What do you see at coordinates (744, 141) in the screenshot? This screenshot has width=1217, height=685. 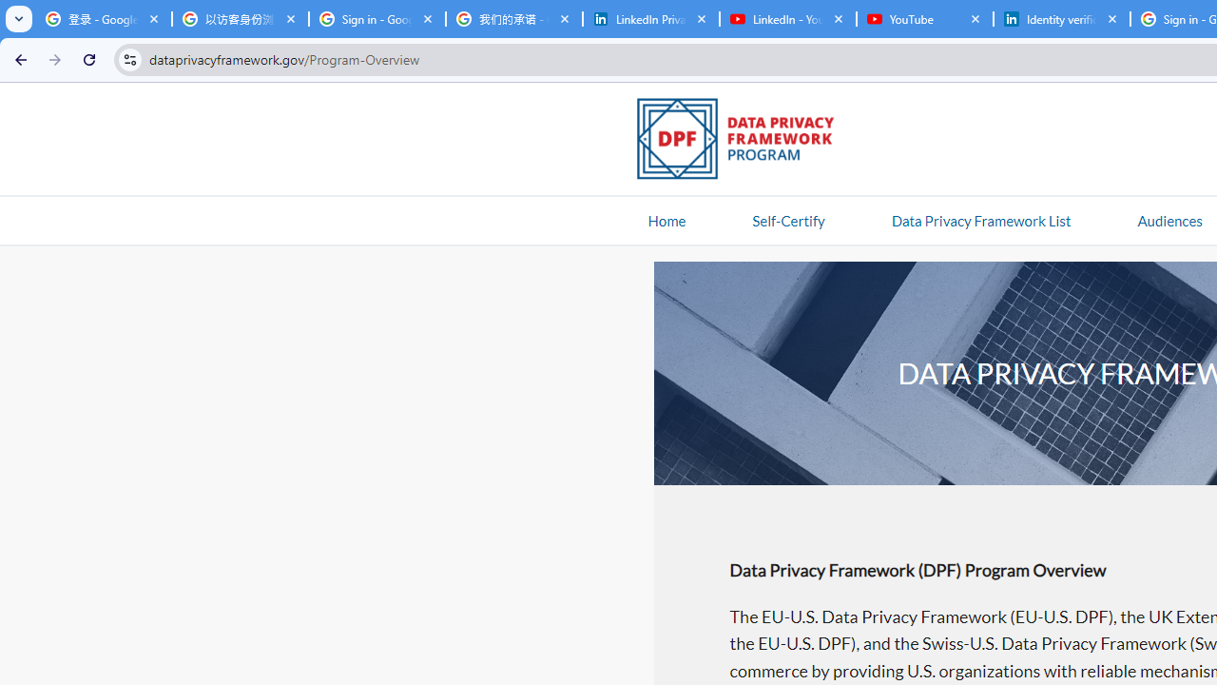 I see `'Data Privacy Framework Logo - Link to Homepage'` at bounding box center [744, 141].